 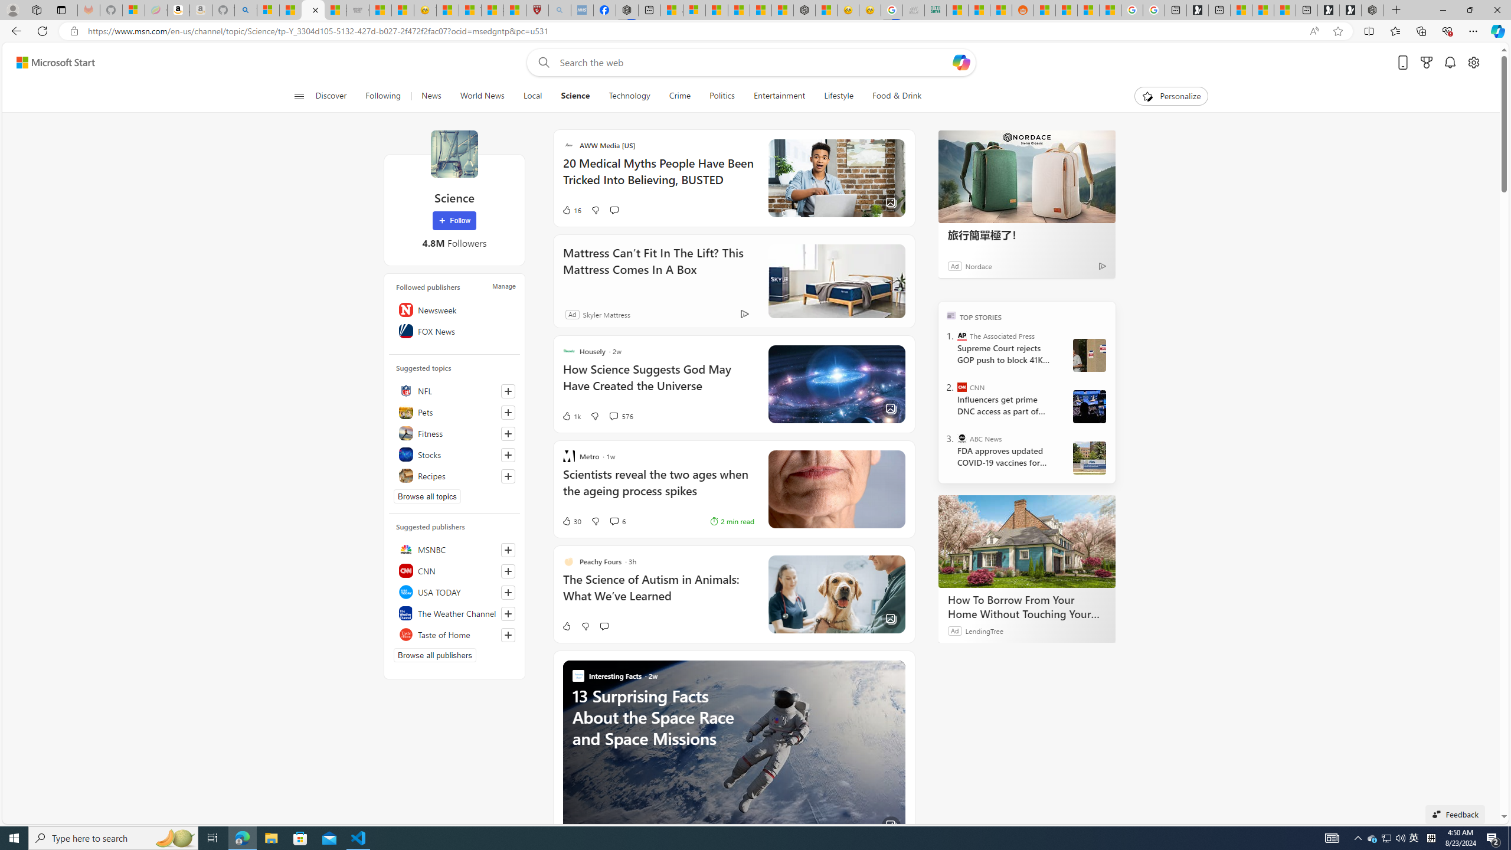 I want to click on 'Browse all publishers', so click(x=435, y=654).